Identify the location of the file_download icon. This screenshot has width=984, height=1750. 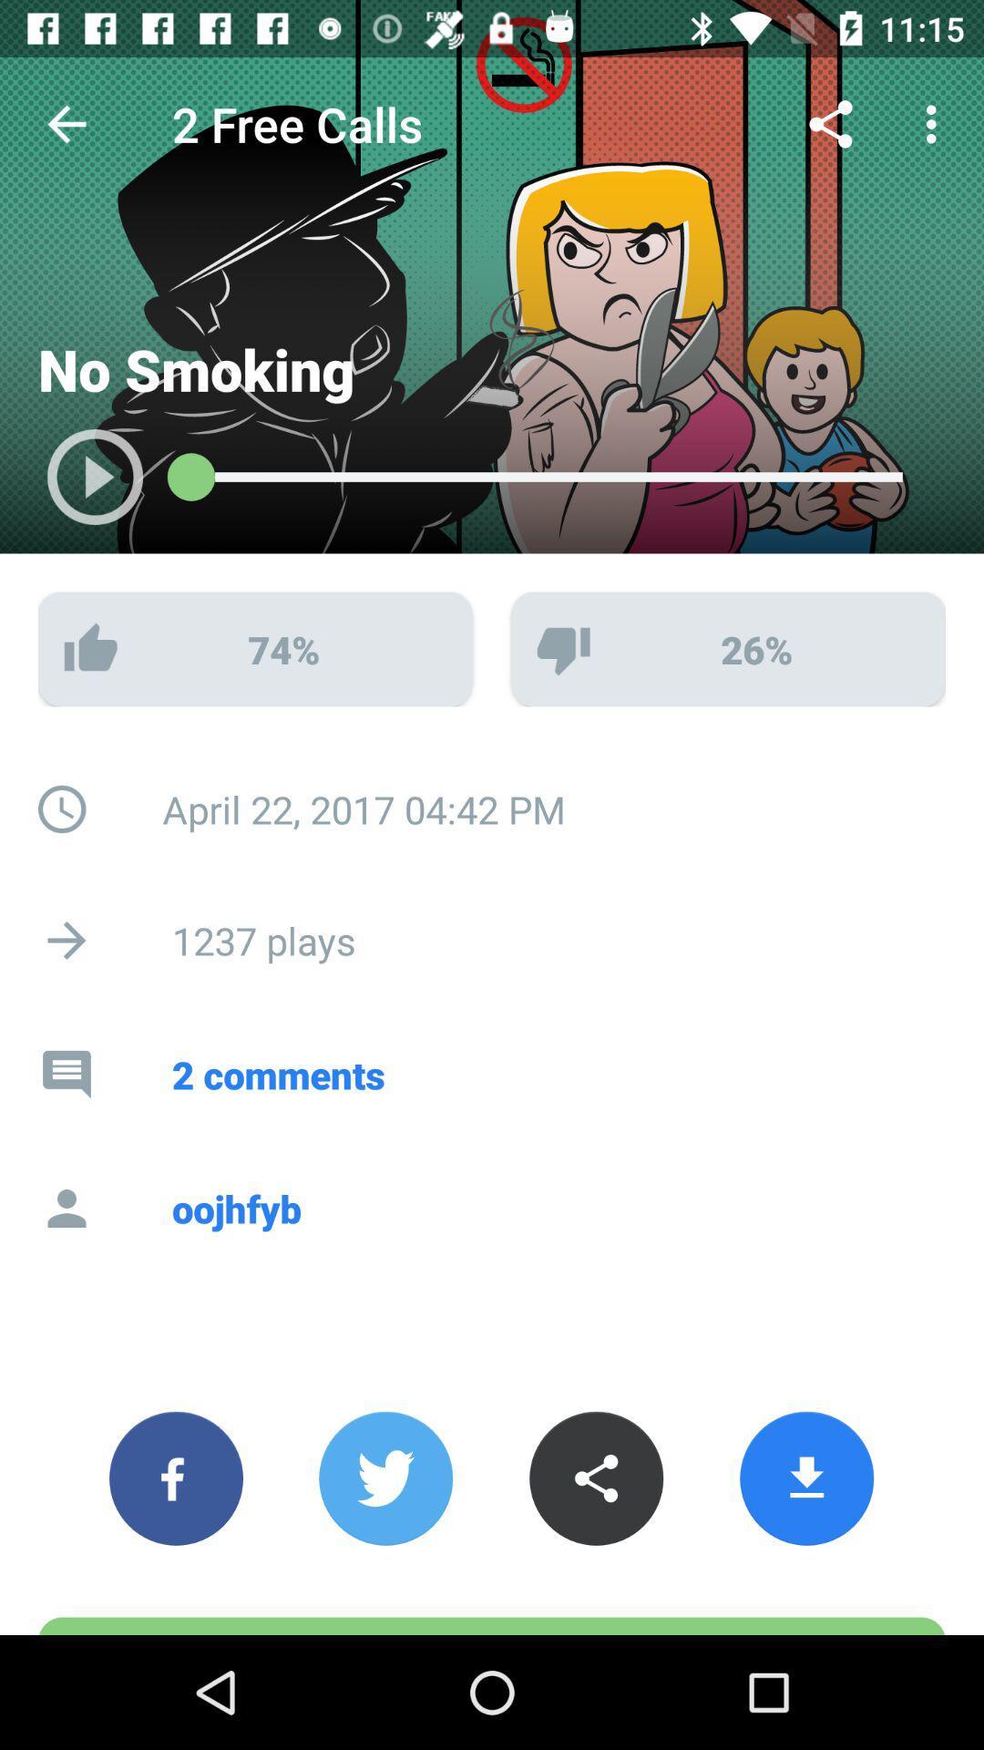
(805, 1478).